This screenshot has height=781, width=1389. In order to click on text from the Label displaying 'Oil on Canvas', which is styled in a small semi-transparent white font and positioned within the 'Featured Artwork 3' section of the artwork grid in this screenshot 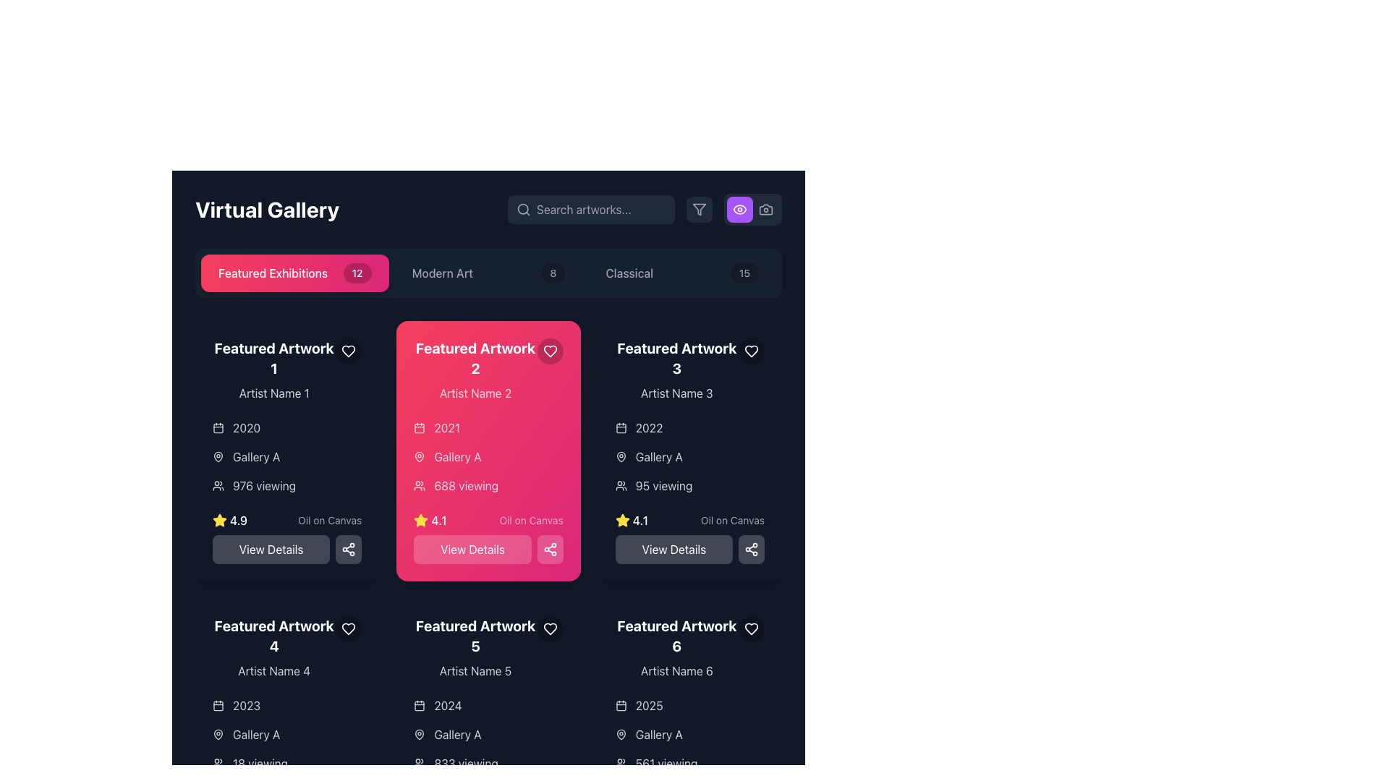, I will do `click(732, 521)`.